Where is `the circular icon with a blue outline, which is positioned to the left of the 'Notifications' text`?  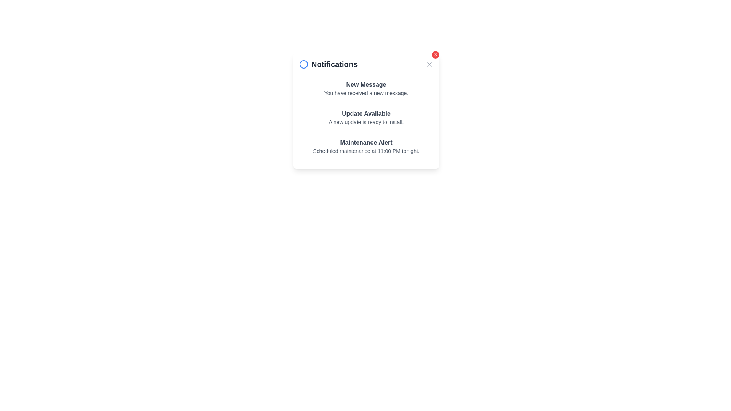 the circular icon with a blue outline, which is positioned to the left of the 'Notifications' text is located at coordinates (303, 64).